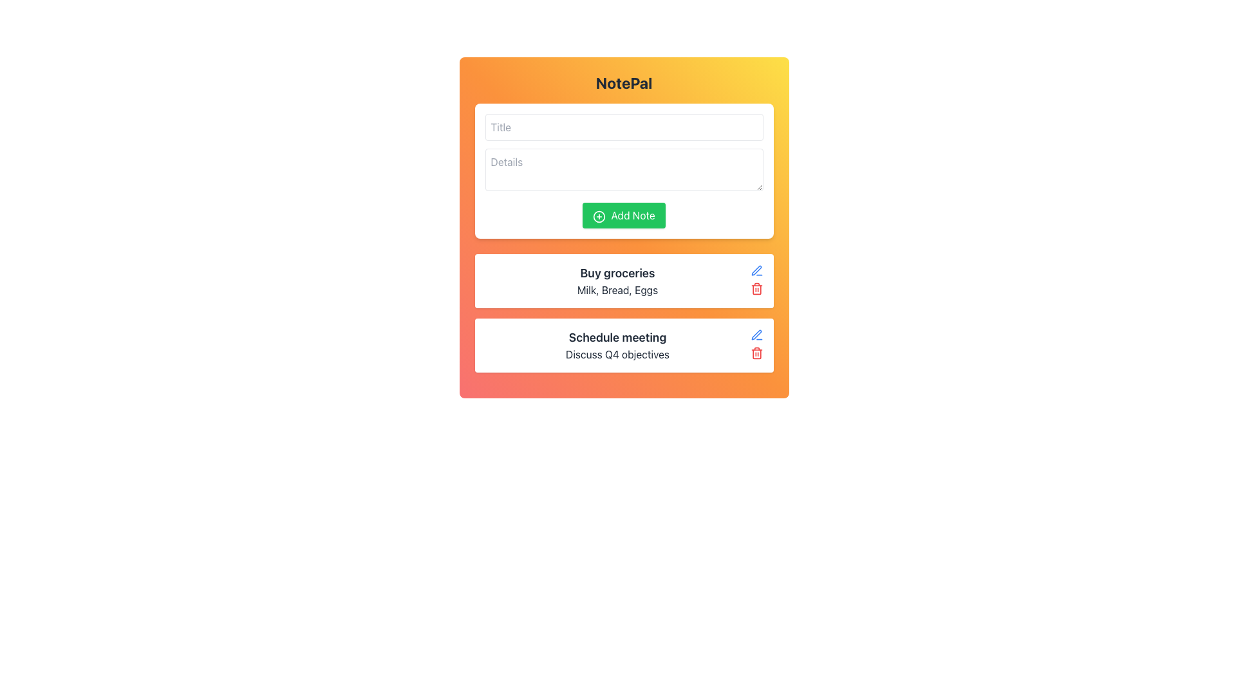  I want to click on the circular shape representing the outer boundary of the plus icon in the 'Add Note' button, which is centrally located relative to the button, so click(599, 216).